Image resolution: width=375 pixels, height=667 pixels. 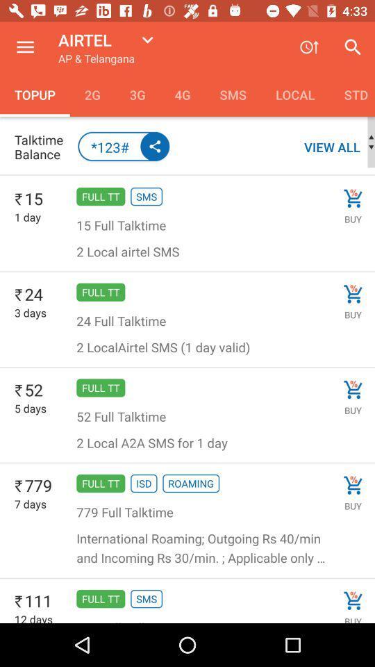 I want to click on the icon next to airtel item, so click(x=25, y=47).